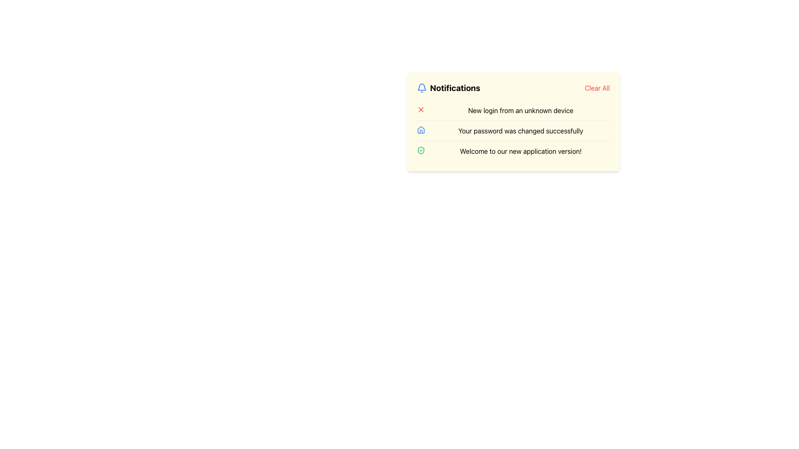  I want to click on the secure status icon located to the left of the password change notification message, so click(421, 150).